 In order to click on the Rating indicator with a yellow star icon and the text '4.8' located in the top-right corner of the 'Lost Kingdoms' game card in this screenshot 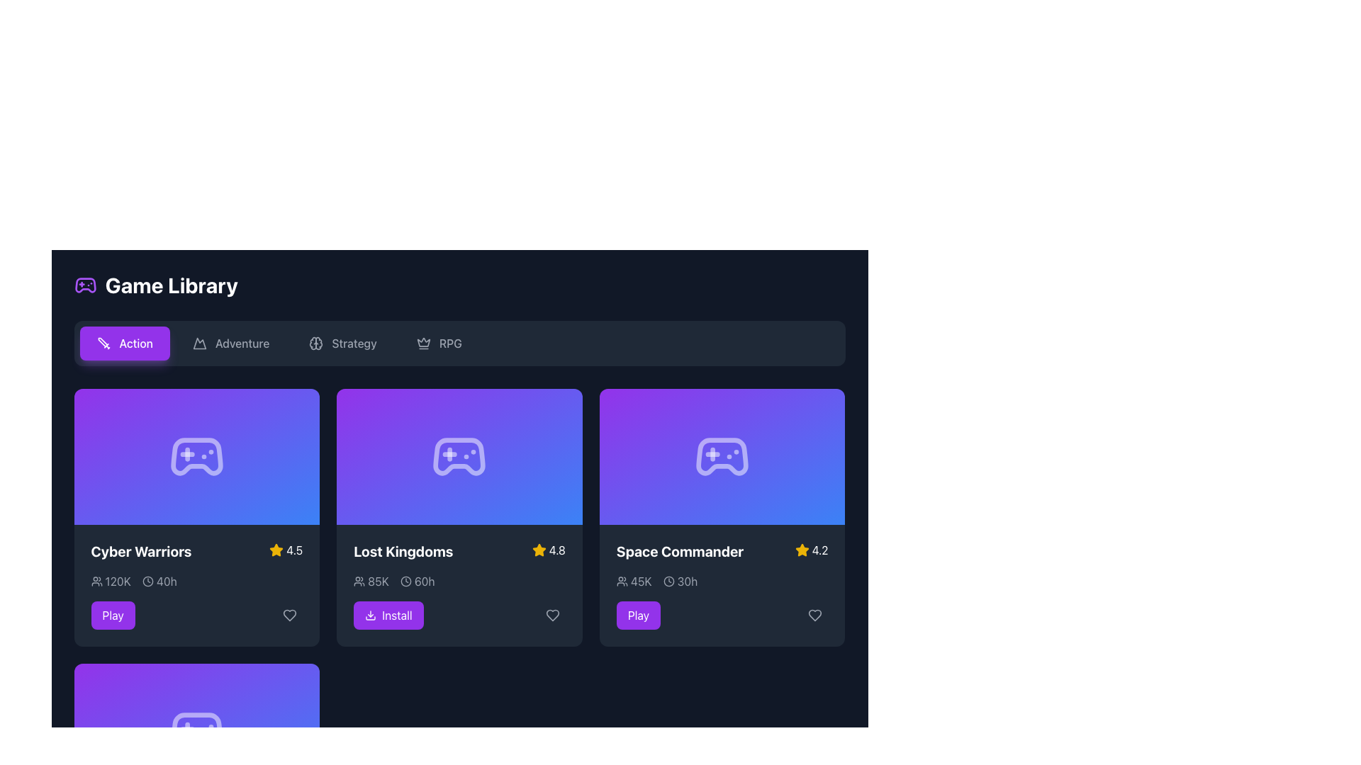, I will do `click(548, 549)`.